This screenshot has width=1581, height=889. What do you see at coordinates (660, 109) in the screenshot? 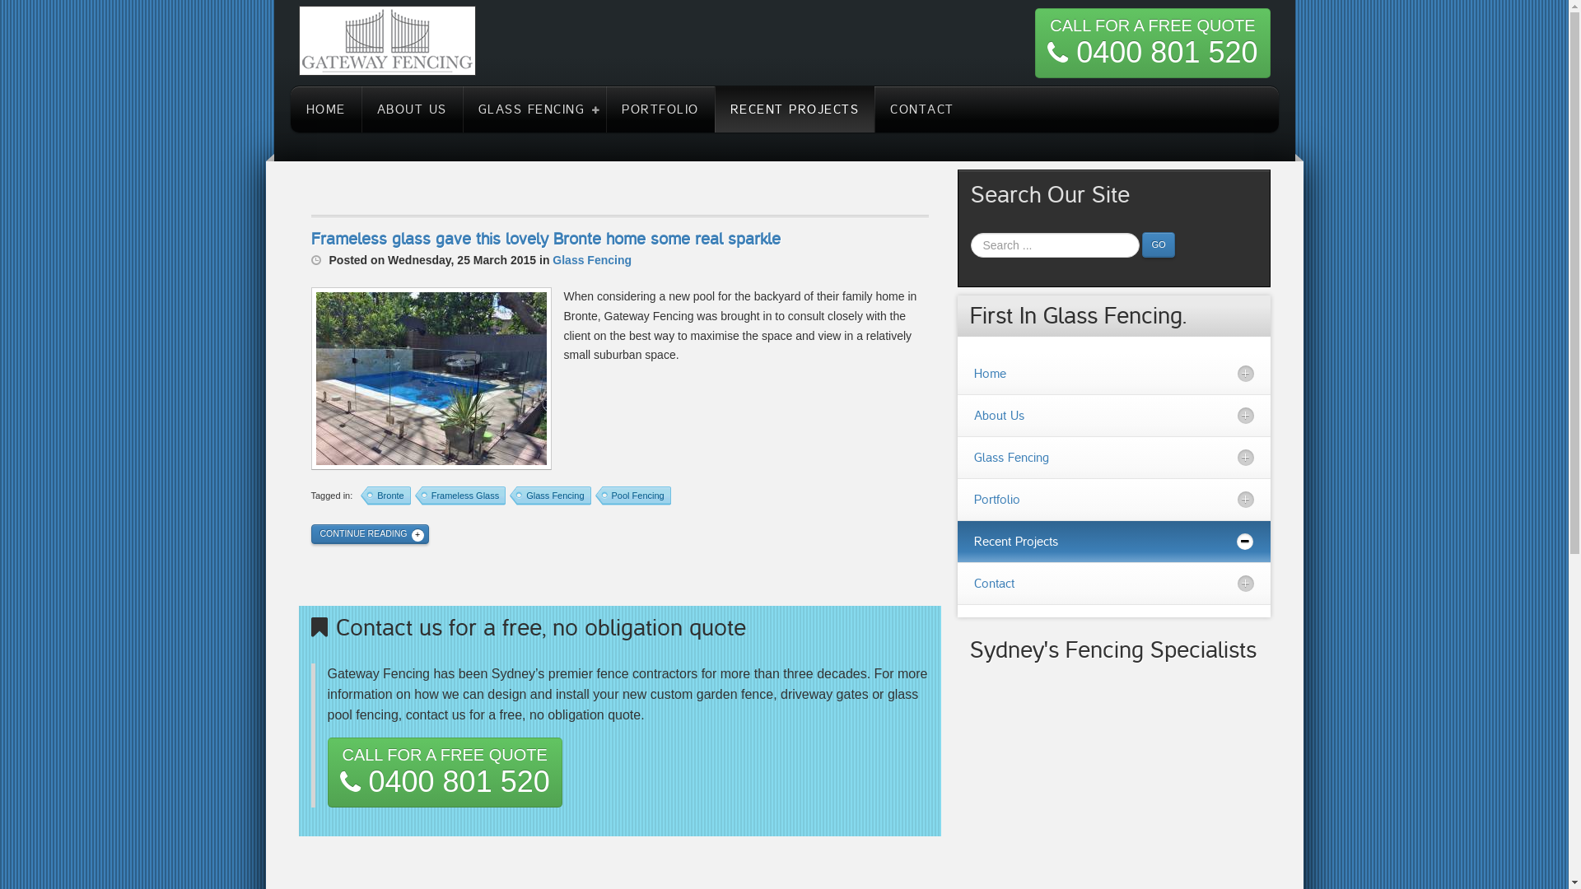
I see `'PORTFOLIO'` at bounding box center [660, 109].